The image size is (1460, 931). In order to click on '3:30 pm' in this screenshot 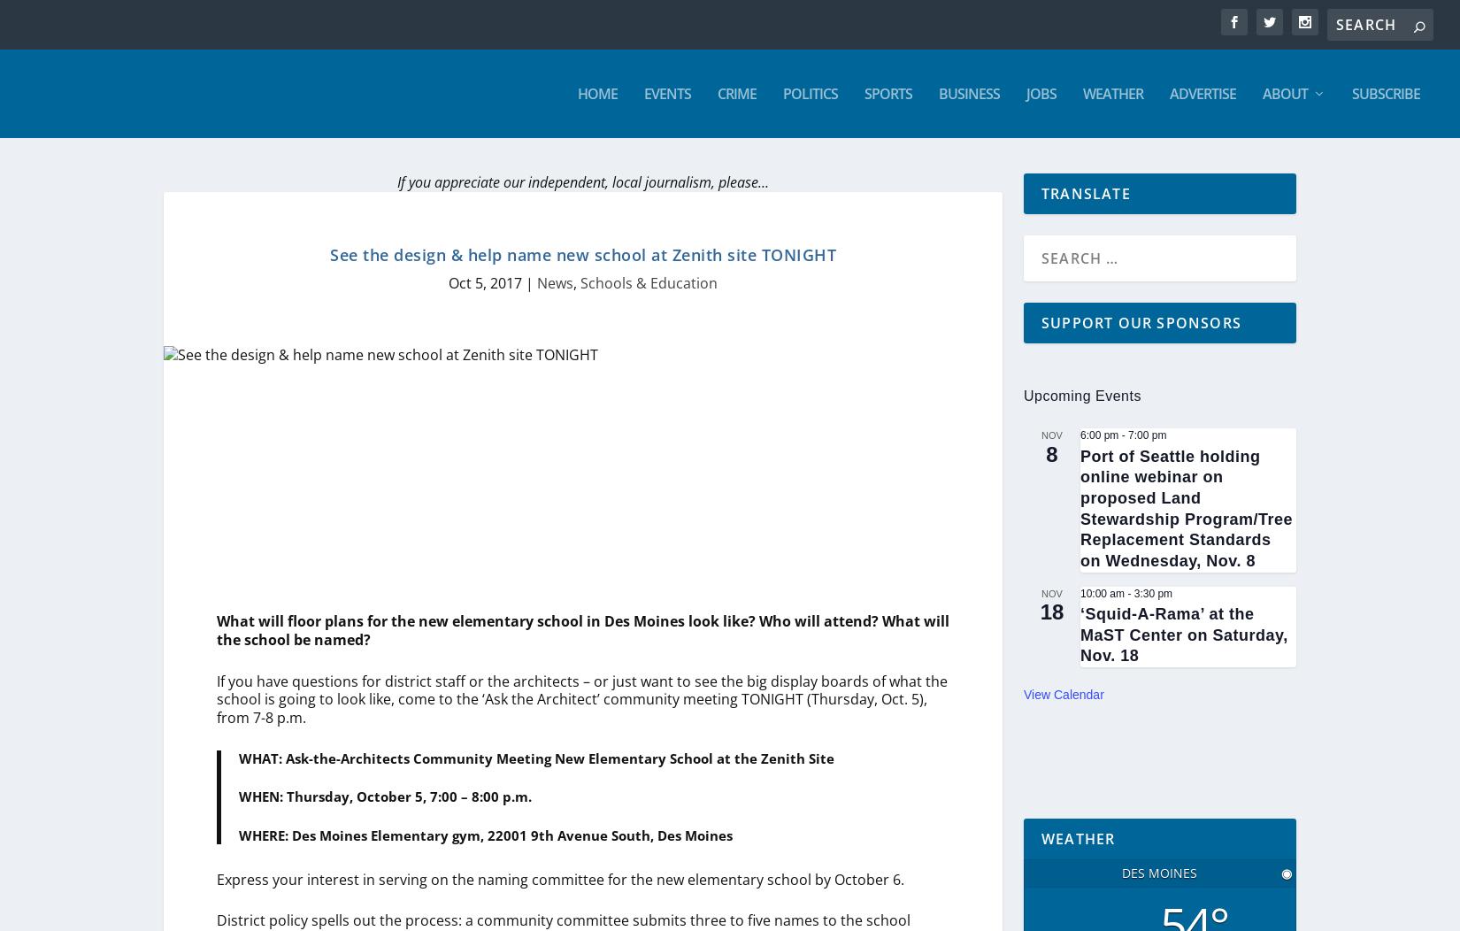, I will do `click(1152, 592)`.